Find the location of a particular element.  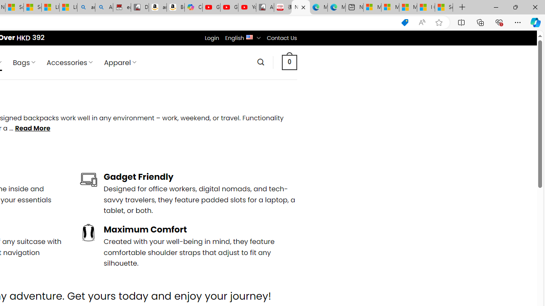

'Login' is located at coordinates (212, 37).